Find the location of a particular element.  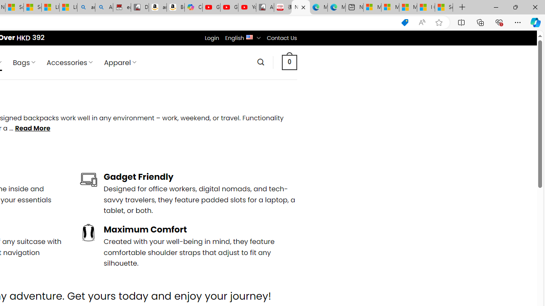

'Login' is located at coordinates (212, 37).